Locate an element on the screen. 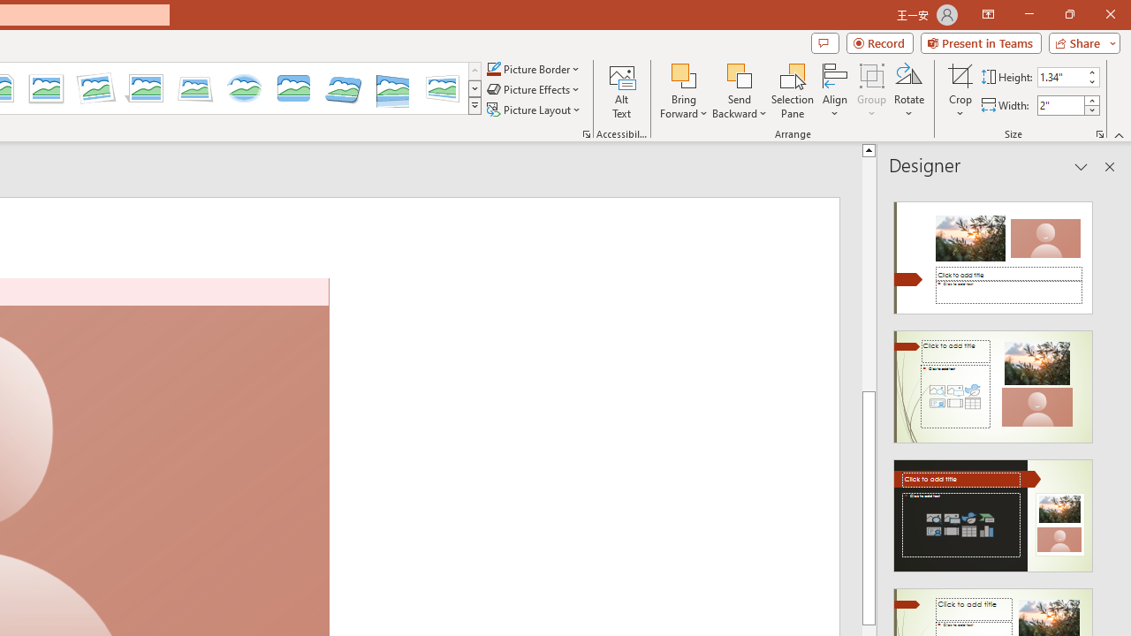 The height and width of the screenshot is (636, 1131). 'Picture...' is located at coordinates (586, 132).